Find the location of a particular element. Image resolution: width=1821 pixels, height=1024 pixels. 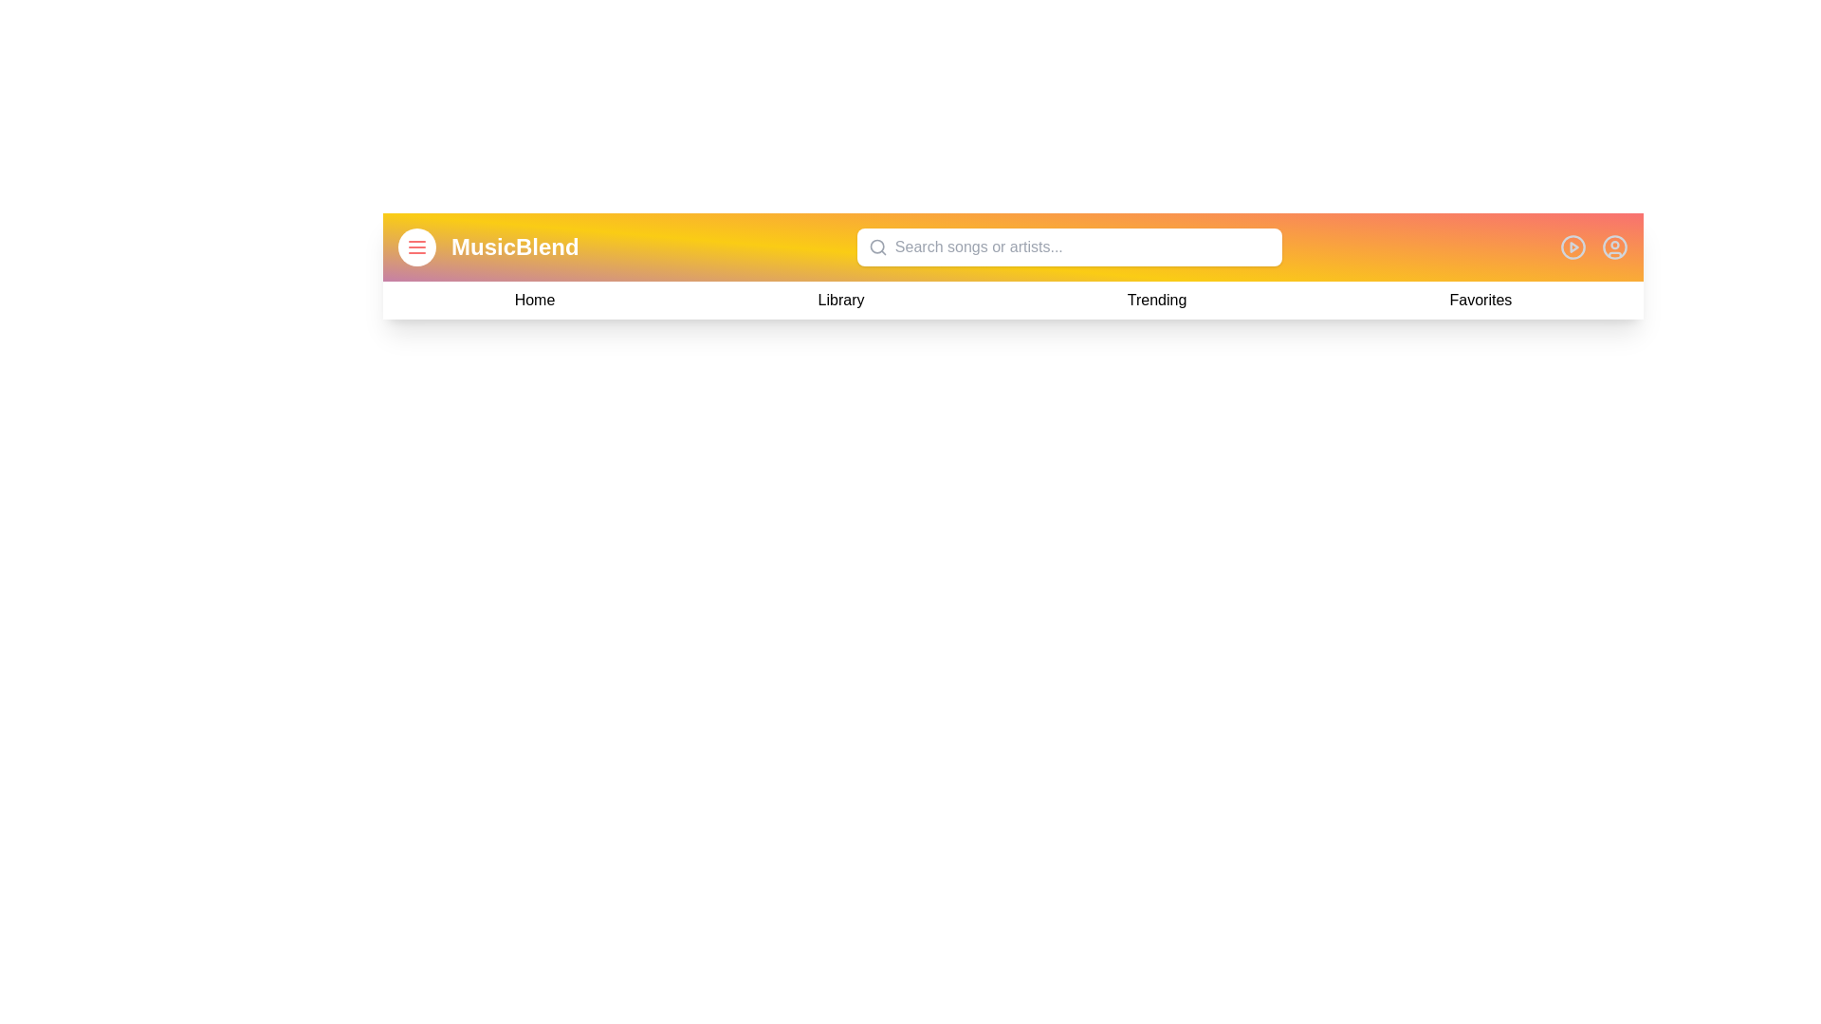

the 'Favorites' option in the navigation bar to navigate to the Favorites section is located at coordinates (1479, 299).